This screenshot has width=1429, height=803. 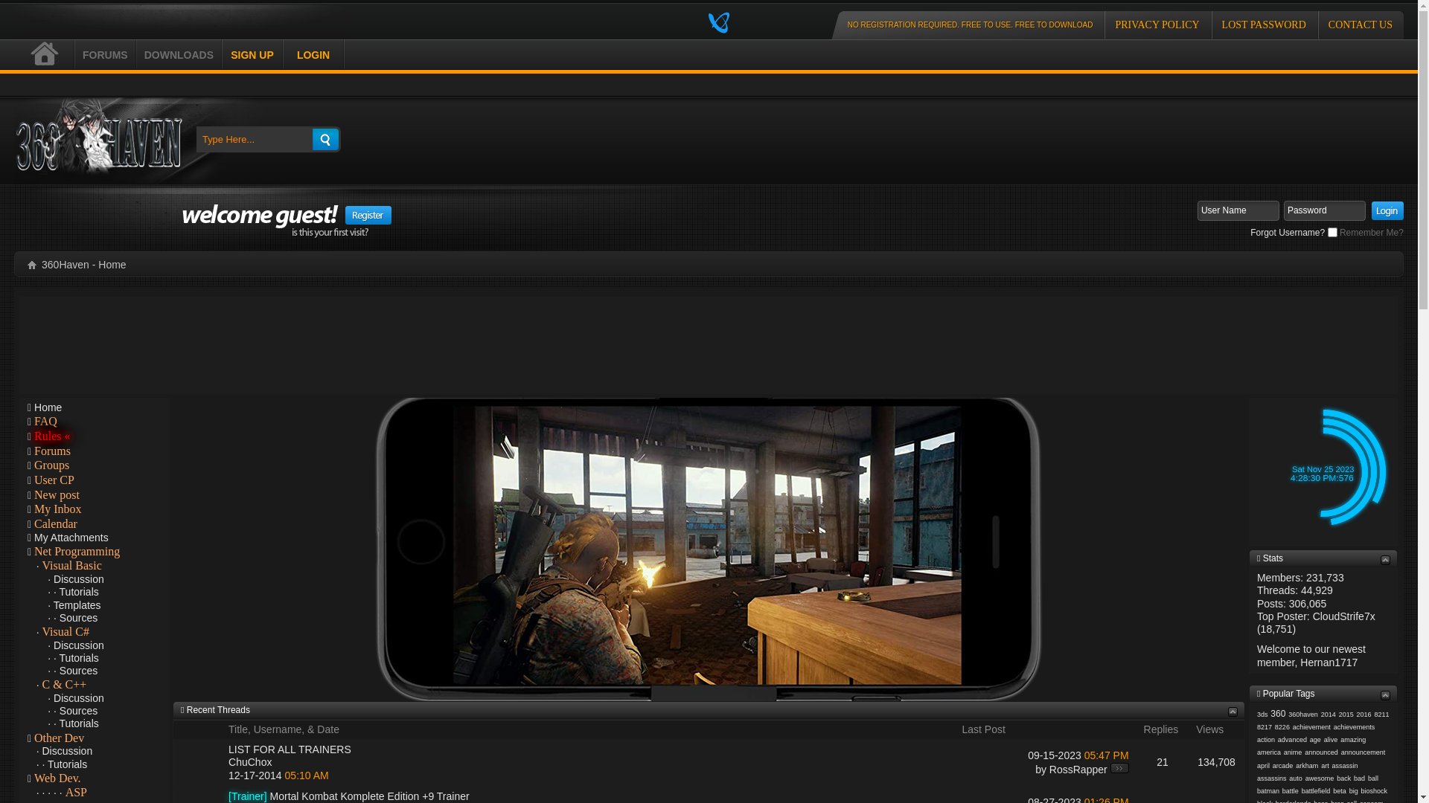 I want to click on 'Mortal Kombat Komplete Edition +9 Trainer', so click(x=270, y=796).